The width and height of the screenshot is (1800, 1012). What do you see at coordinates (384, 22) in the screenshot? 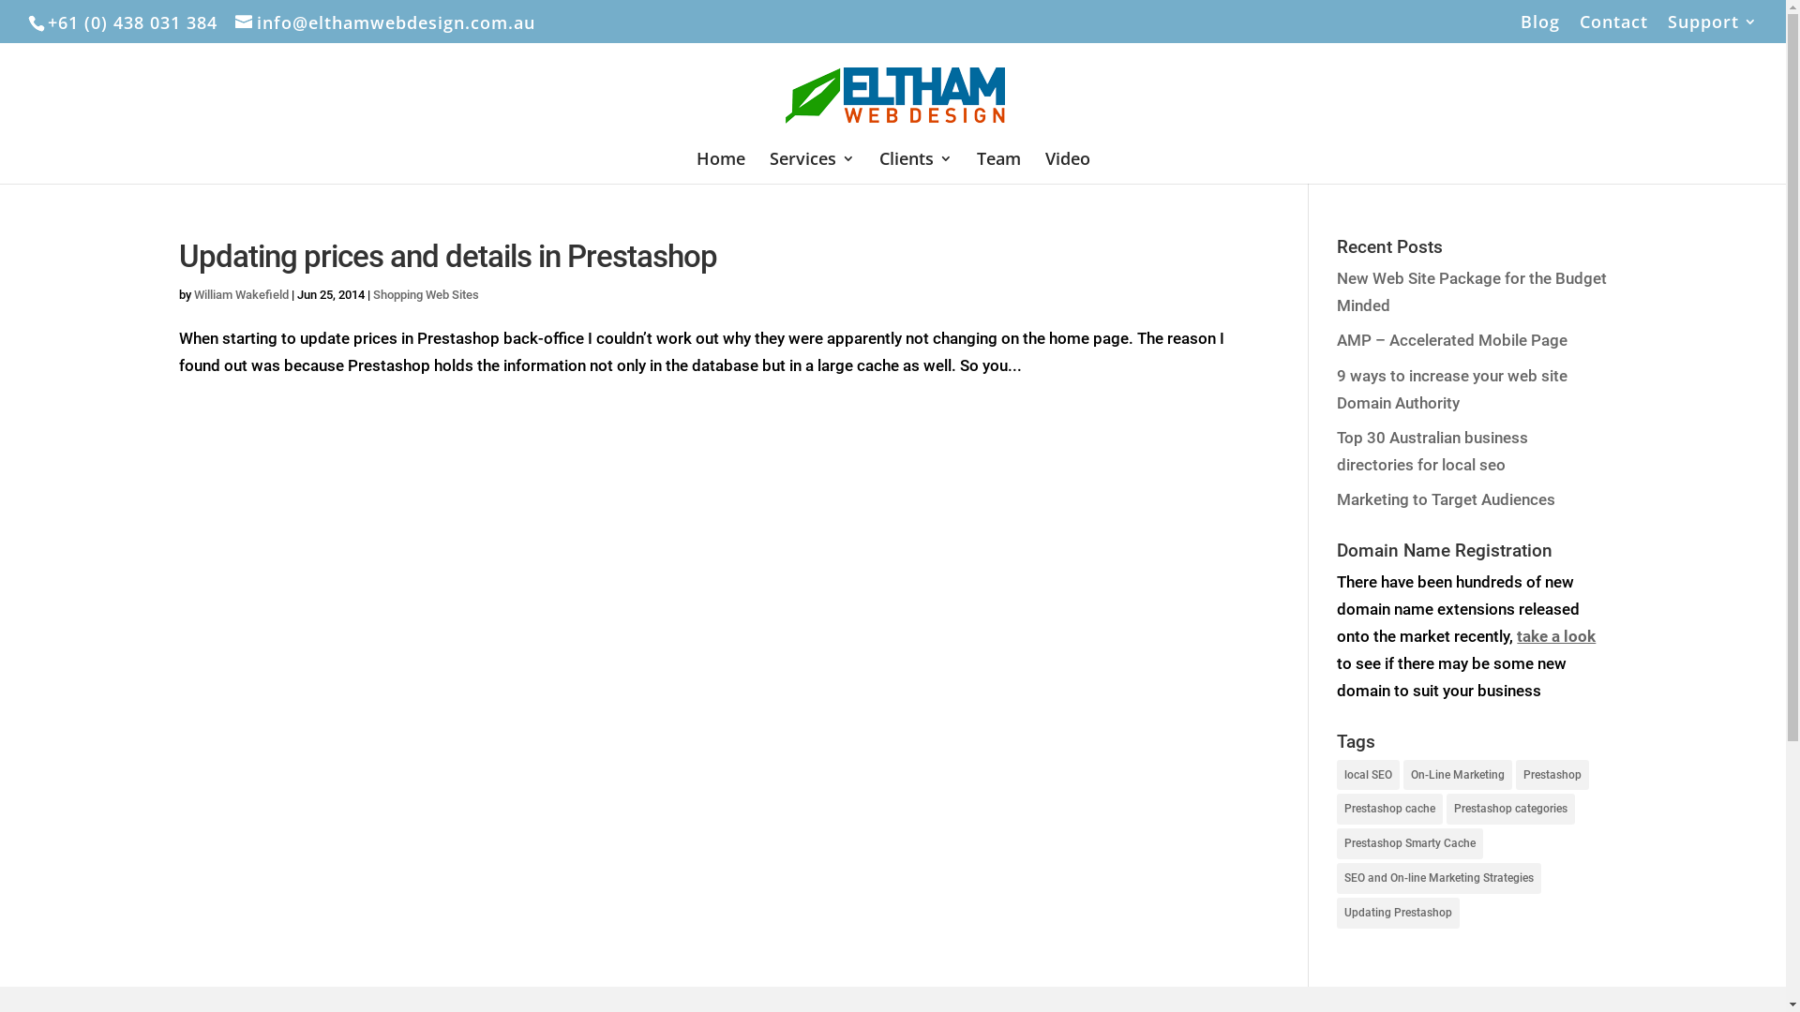
I see `'info@elthamwebdesign.com.au'` at bounding box center [384, 22].